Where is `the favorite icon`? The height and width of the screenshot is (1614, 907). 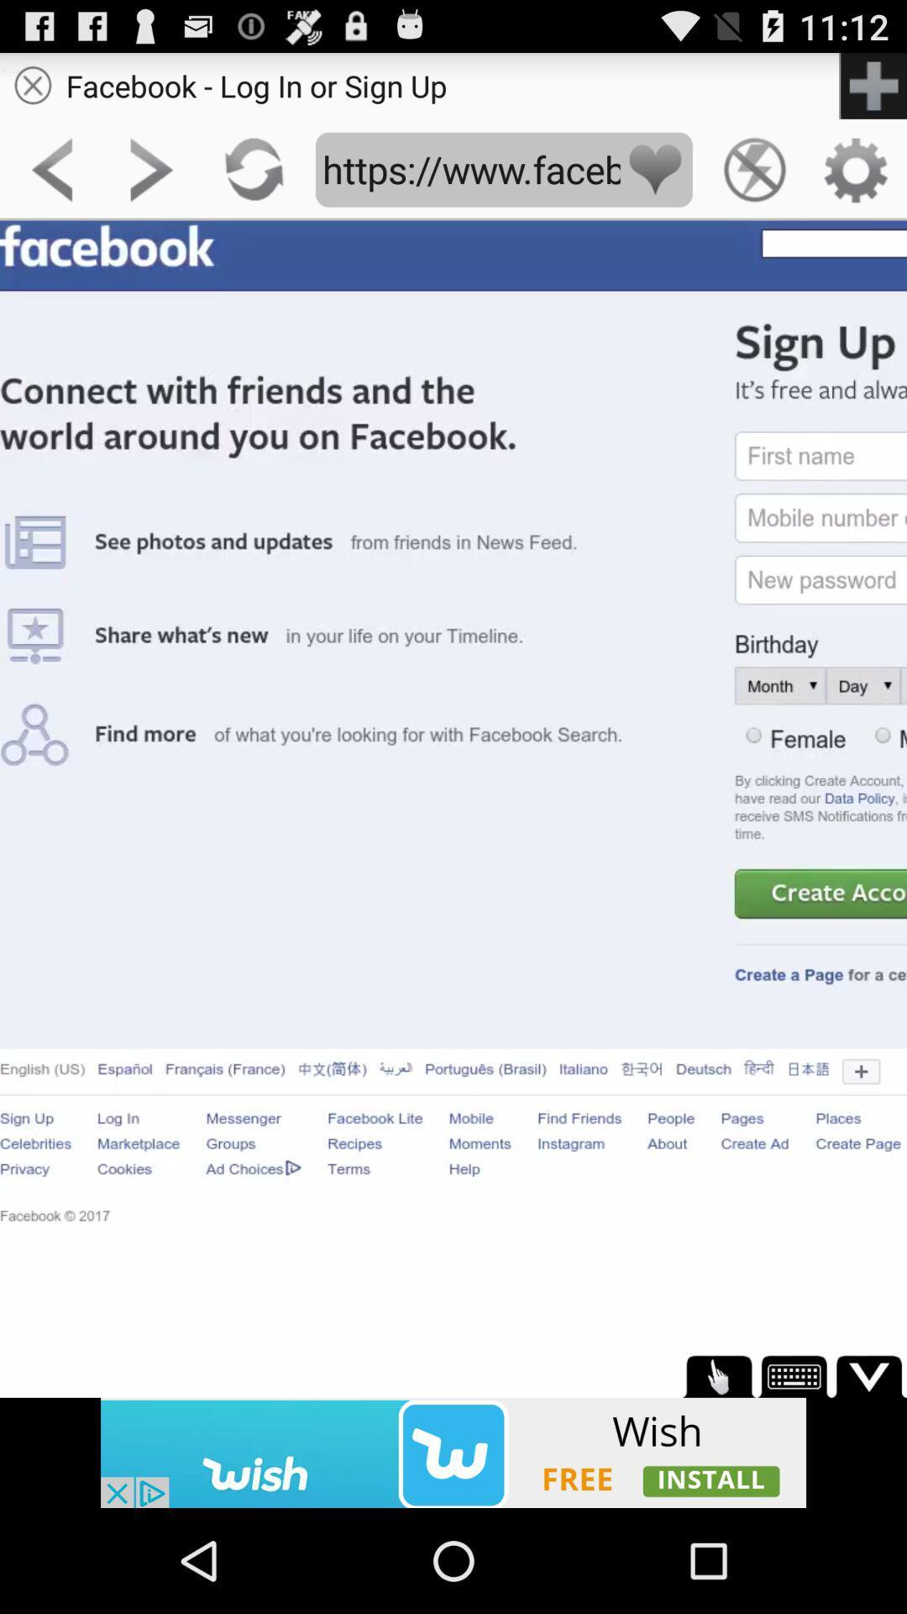 the favorite icon is located at coordinates (654, 182).